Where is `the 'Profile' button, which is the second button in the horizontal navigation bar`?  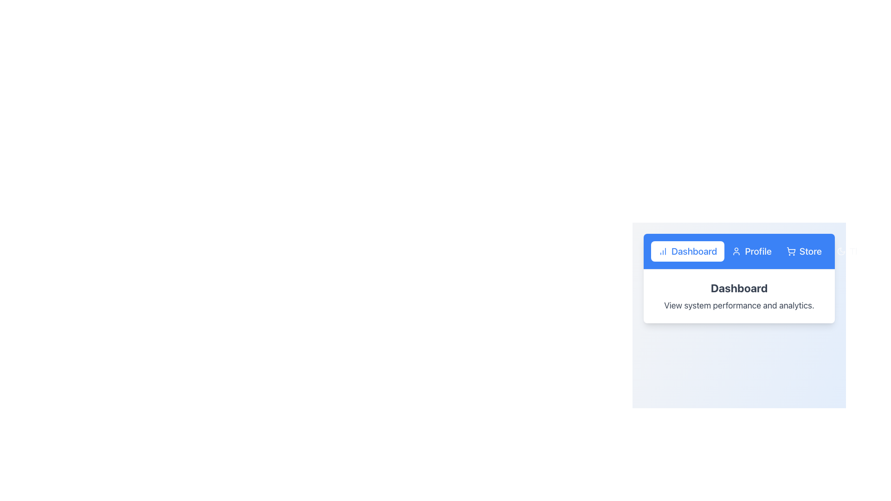
the 'Profile' button, which is the second button in the horizontal navigation bar is located at coordinates (752, 251).